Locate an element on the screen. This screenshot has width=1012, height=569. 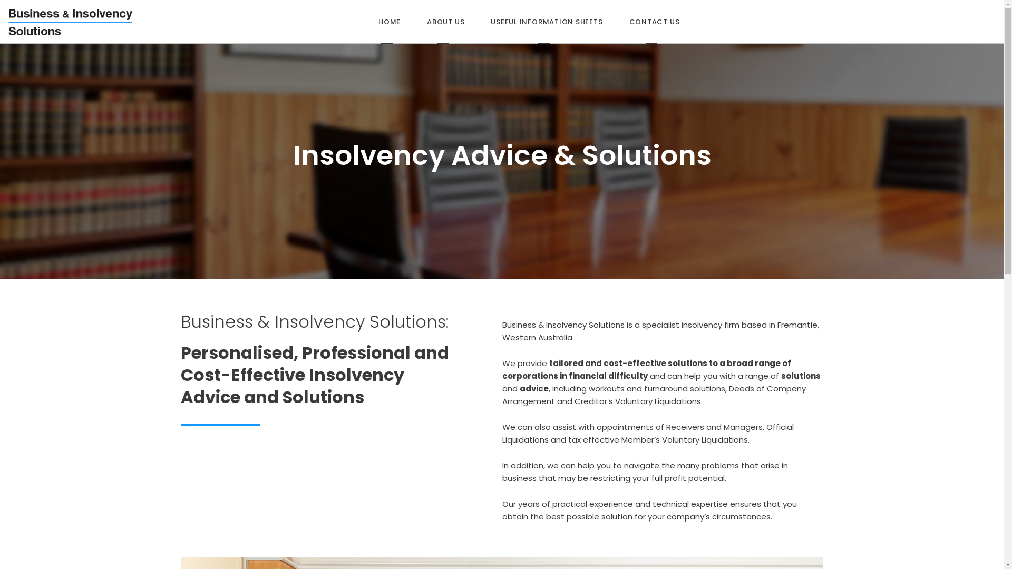
'USEFUL INFORMATION SHEETS' is located at coordinates (546, 22).